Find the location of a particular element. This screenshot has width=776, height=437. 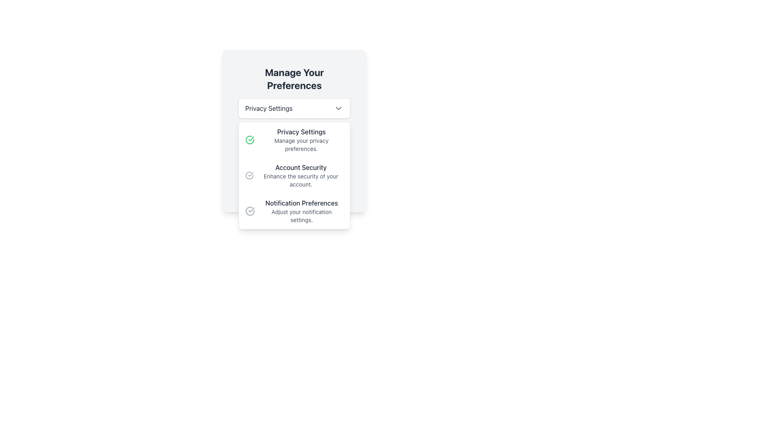

the text label that provides additional descriptive information under 'Notification Preferences' in the dropdown menu is located at coordinates (301, 215).